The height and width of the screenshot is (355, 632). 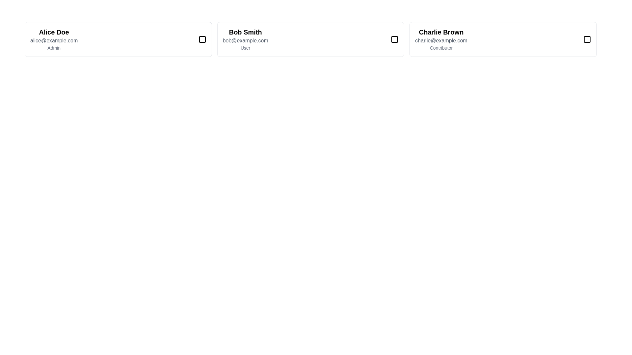 I want to click on the small square icon with rounded corners located in the top-right corner of the user card labeled 'Alice Doe', so click(x=202, y=39).